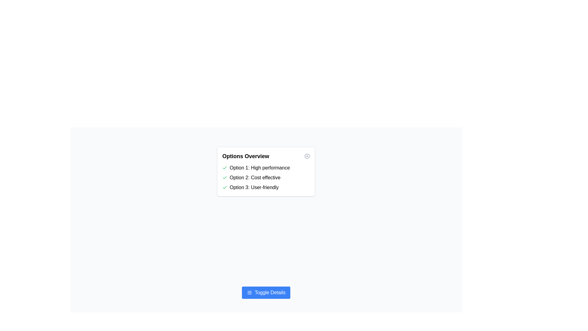 Image resolution: width=588 pixels, height=331 pixels. Describe the element at coordinates (249, 292) in the screenshot. I see `the Menu Icon, which is a compact icon with three horizontal lines inside the blue 'Toggle Details' button` at that location.